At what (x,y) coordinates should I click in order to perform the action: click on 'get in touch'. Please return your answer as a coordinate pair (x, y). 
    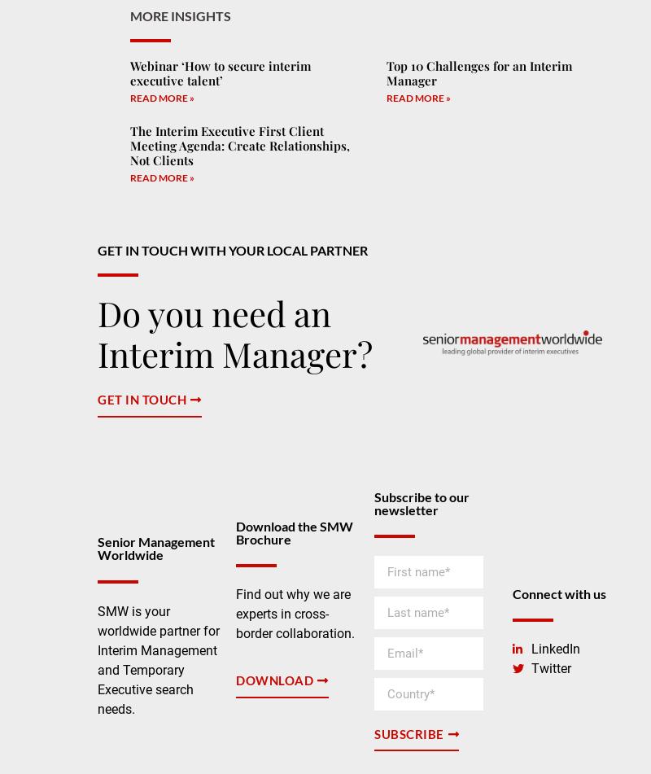
    Looking at the image, I should click on (141, 399).